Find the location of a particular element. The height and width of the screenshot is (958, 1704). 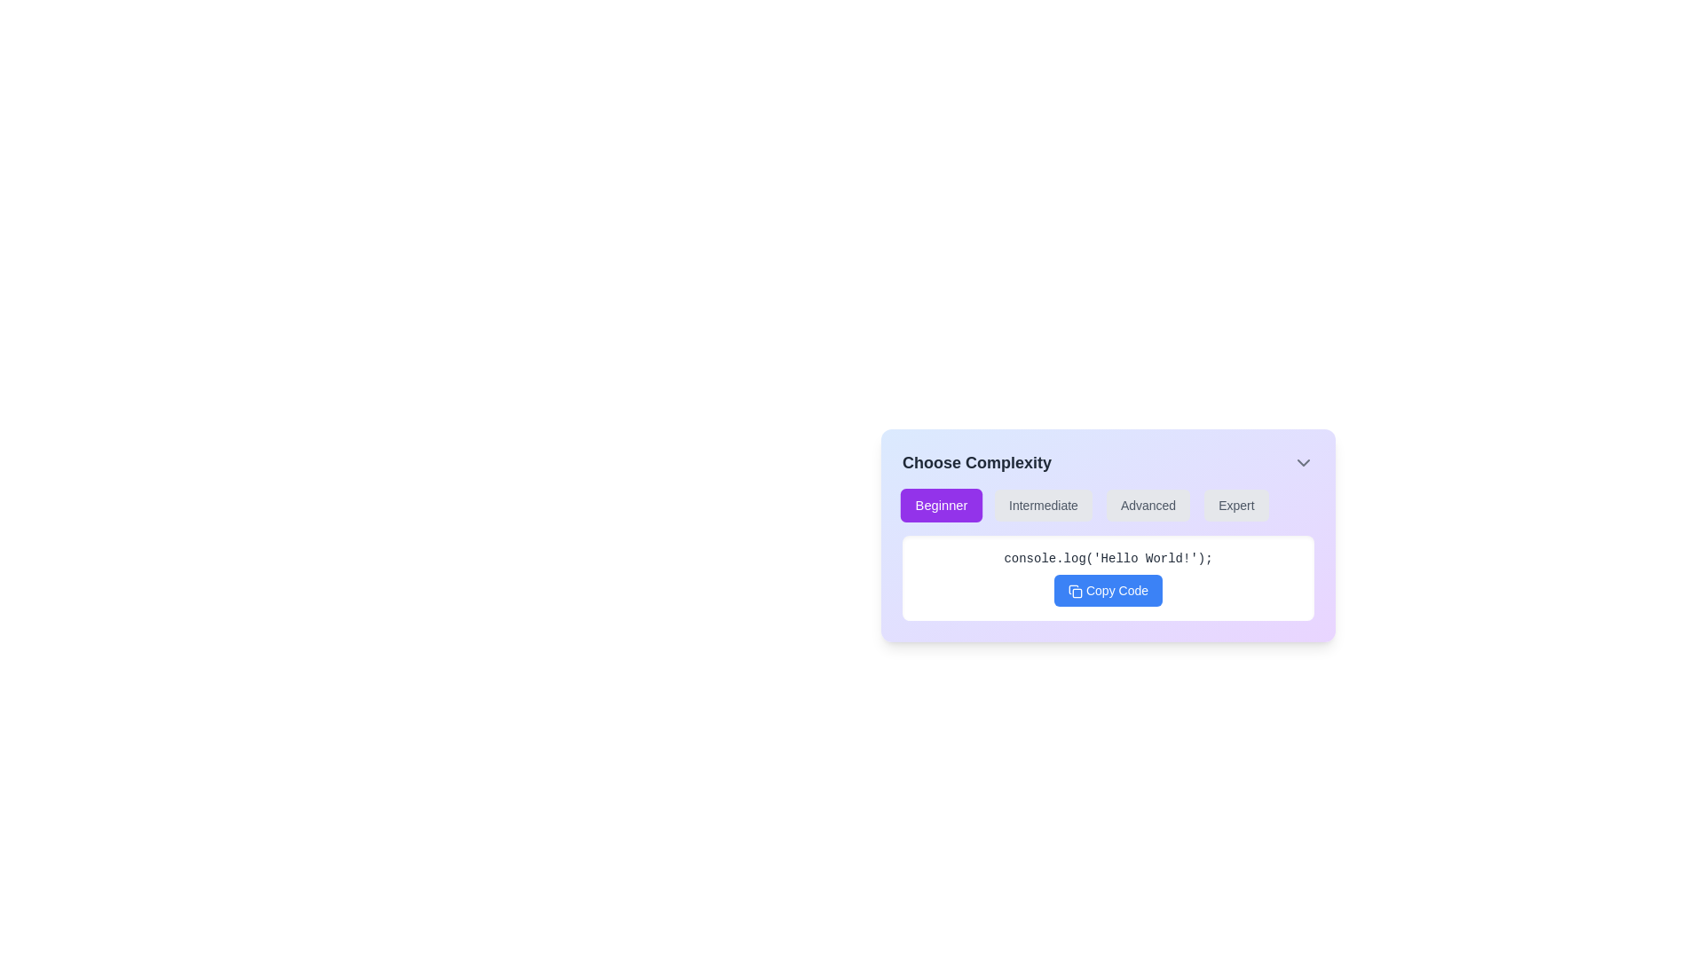

the 'Expert' level button, which is the fourth button in a horizontally aligned group below the title 'Choose Complexity' is located at coordinates (1235, 506).